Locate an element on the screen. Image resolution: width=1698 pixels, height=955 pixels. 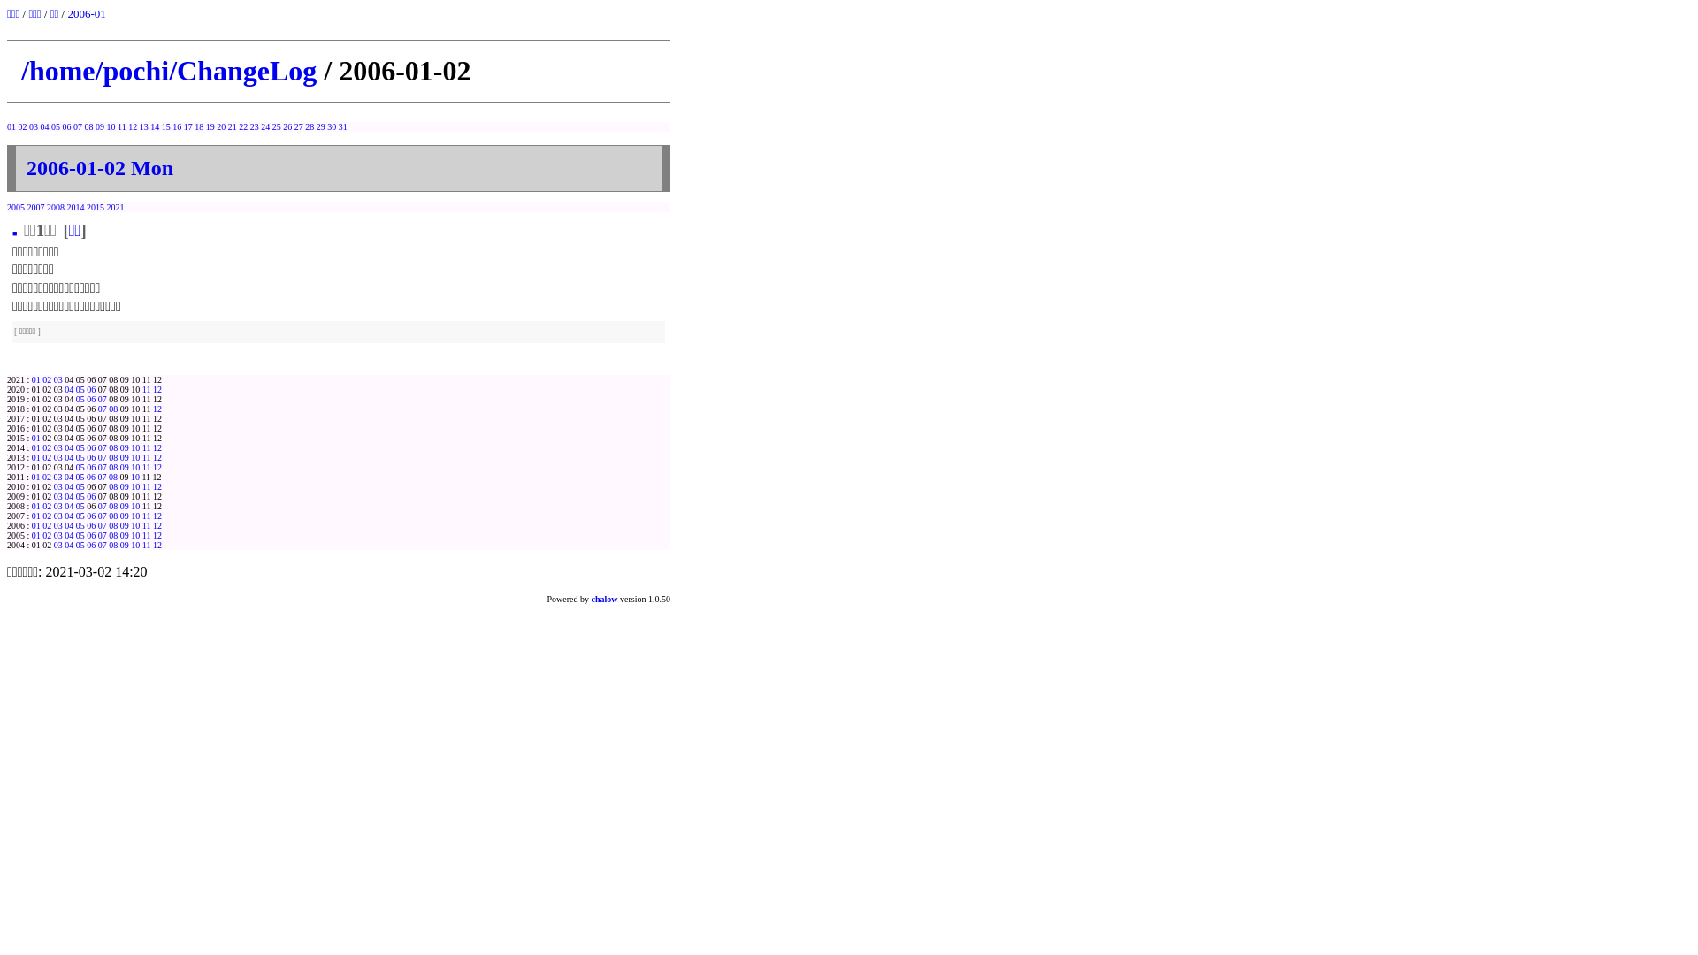
'07' is located at coordinates (101, 534).